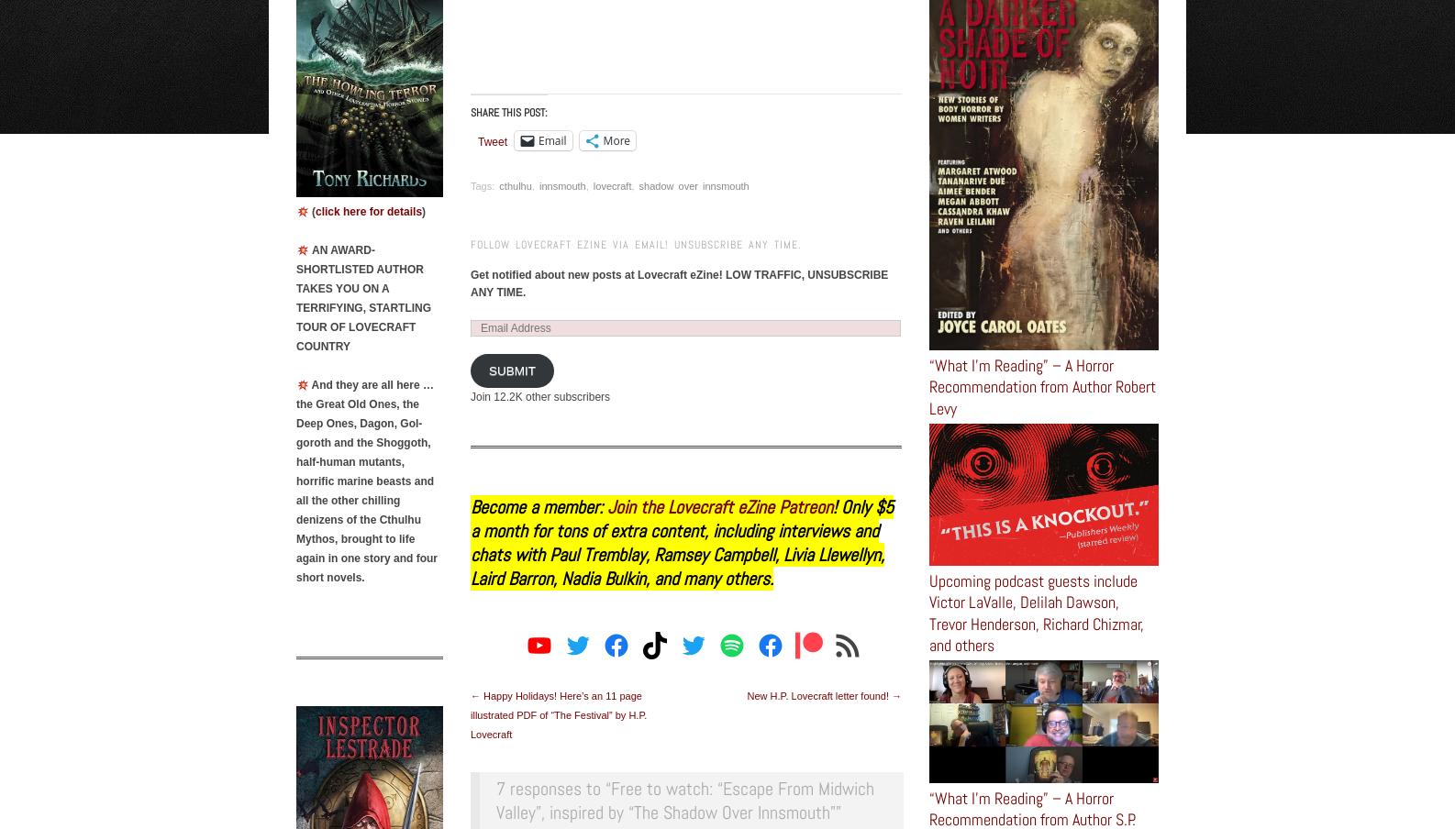 This screenshot has width=1455, height=829. I want to click on 'shadow over innsmouth', so click(638, 185).